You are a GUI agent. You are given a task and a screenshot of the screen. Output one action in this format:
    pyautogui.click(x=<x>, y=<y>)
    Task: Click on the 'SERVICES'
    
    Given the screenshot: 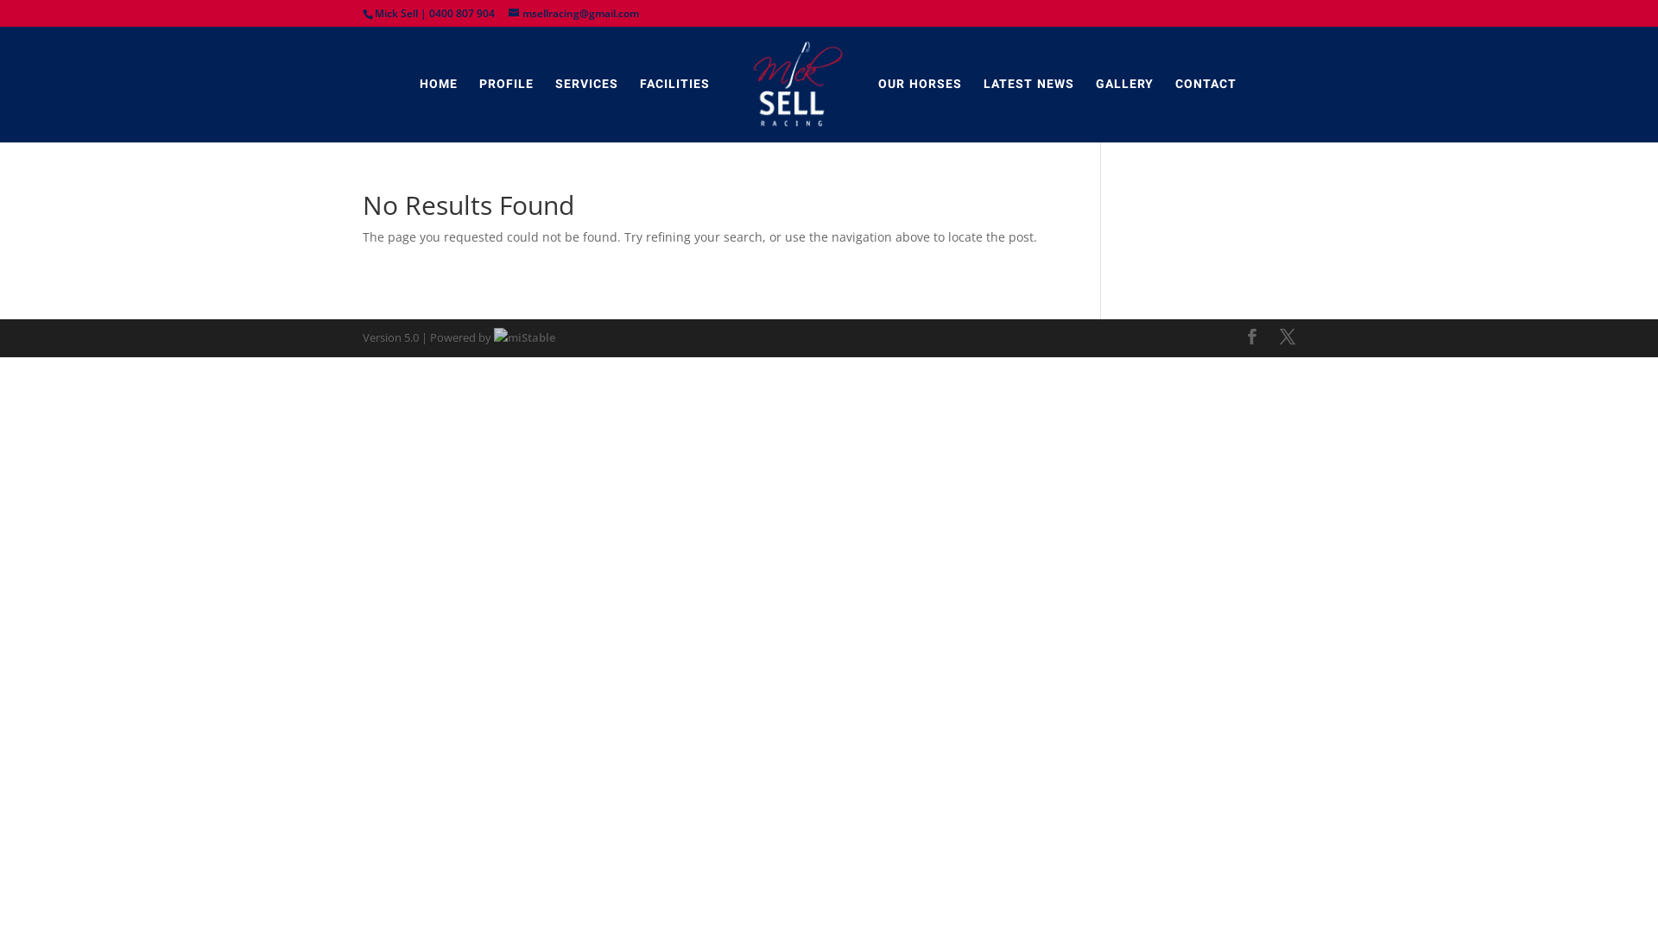 What is the action you would take?
    pyautogui.click(x=586, y=84)
    